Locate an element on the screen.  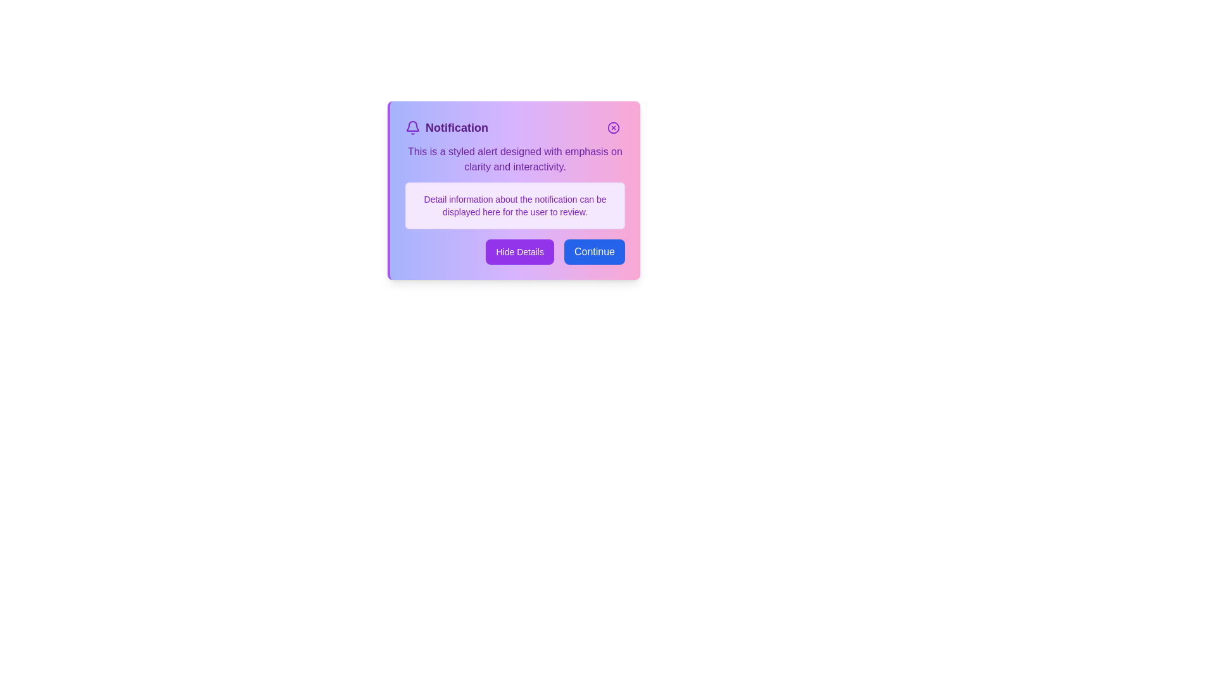
the 'Continue' button to acknowledge the notification is located at coordinates (594, 251).